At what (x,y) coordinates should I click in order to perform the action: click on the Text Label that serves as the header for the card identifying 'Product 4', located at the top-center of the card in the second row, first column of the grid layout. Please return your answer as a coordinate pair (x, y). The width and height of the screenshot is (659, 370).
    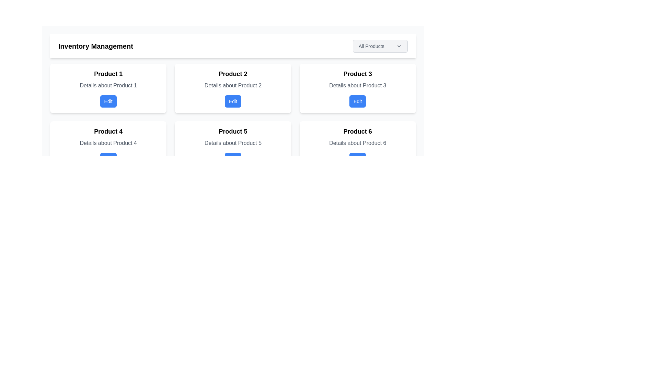
    Looking at the image, I should click on (108, 132).